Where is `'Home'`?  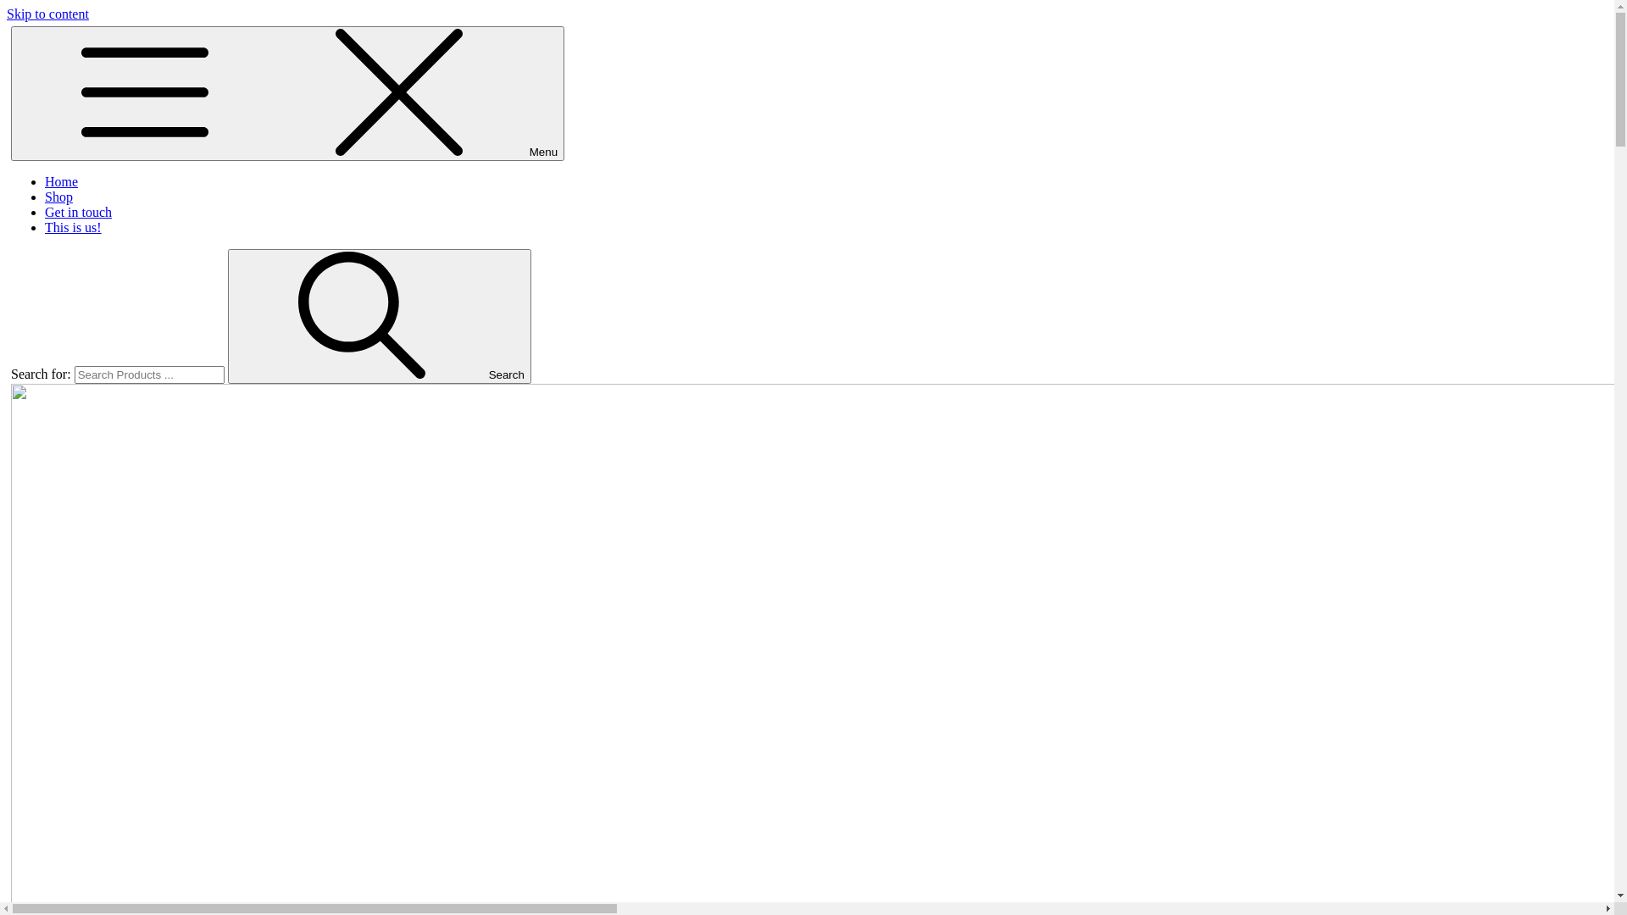
'Home' is located at coordinates (61, 181).